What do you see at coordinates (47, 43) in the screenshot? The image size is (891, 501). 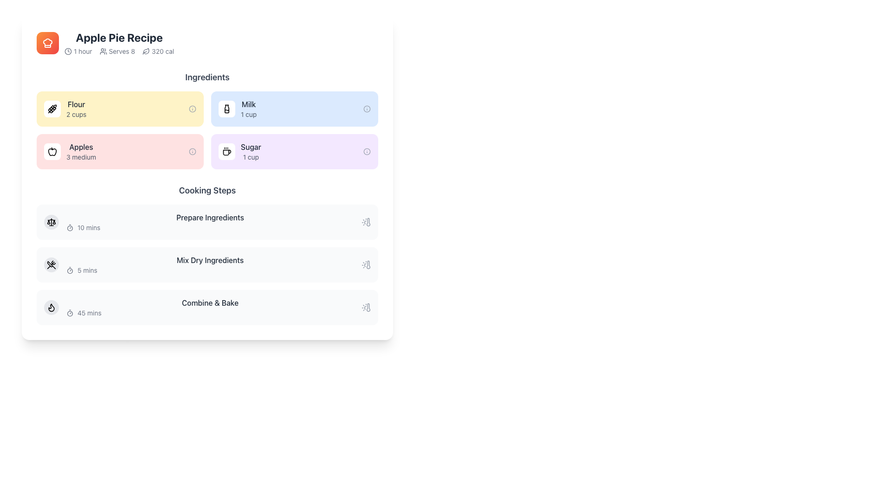 I see `the chef hat icon located beside the 'Apple Pie Recipe' title, which is characterized by smooth curves and a minimalist design` at bounding box center [47, 43].